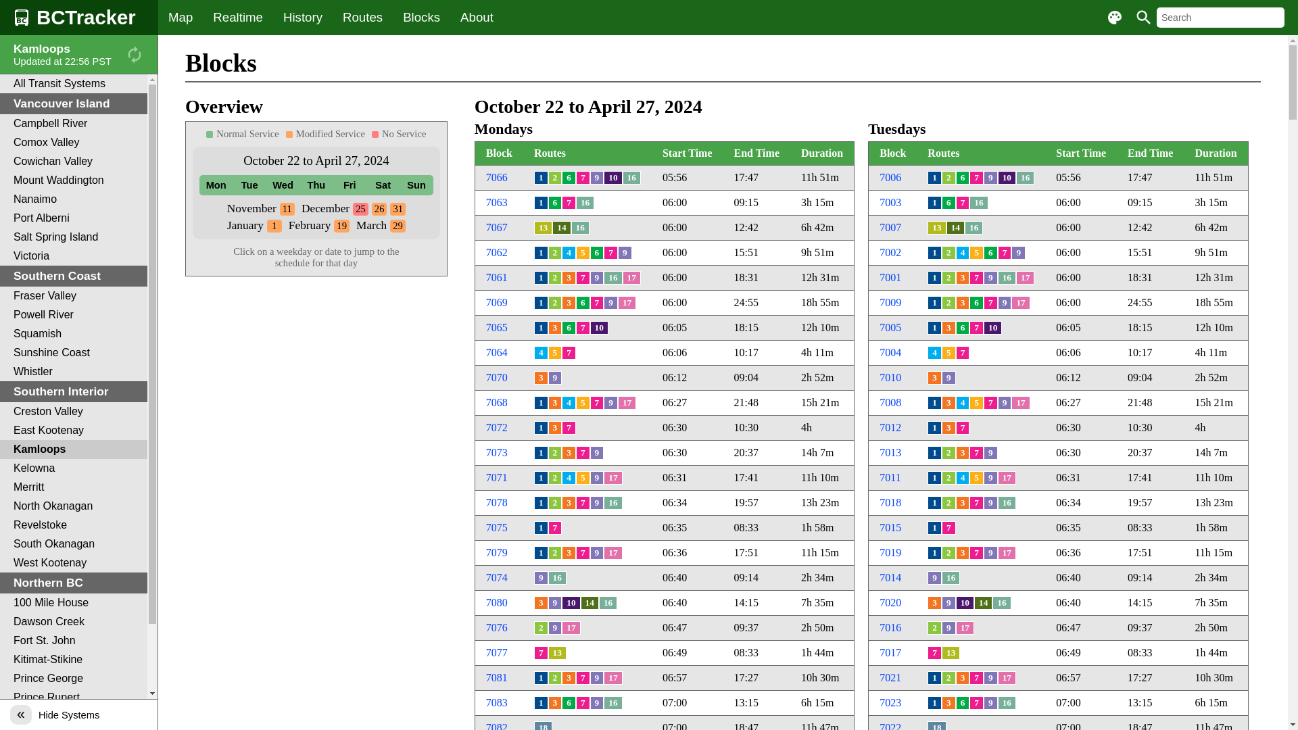 The height and width of the screenshot is (730, 1298). Describe the element at coordinates (73, 602) in the screenshot. I see `'100 Mile House'` at that location.